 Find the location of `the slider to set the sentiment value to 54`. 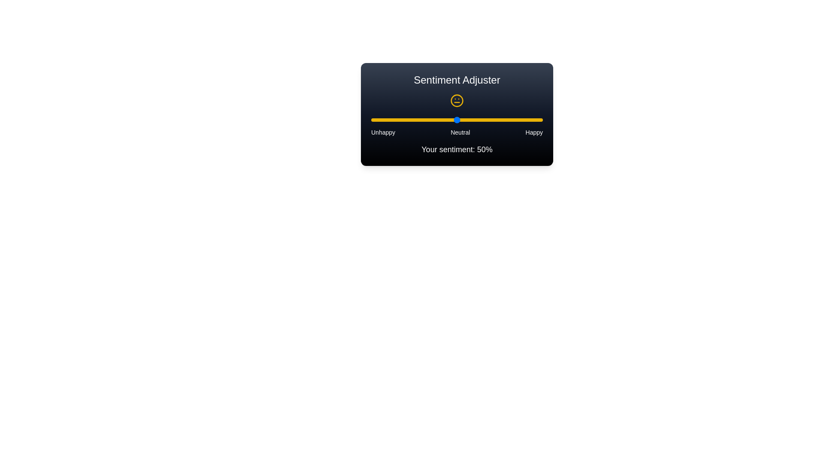

the slider to set the sentiment value to 54 is located at coordinates (463, 120).